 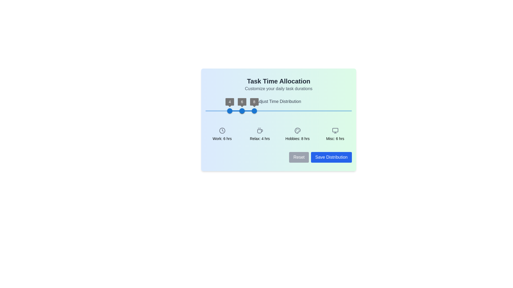 What do you see at coordinates (242, 102) in the screenshot?
I see `the value indicator displaying the numeric value '6' for the slider under the heading 'Task Time Allocation'` at bounding box center [242, 102].